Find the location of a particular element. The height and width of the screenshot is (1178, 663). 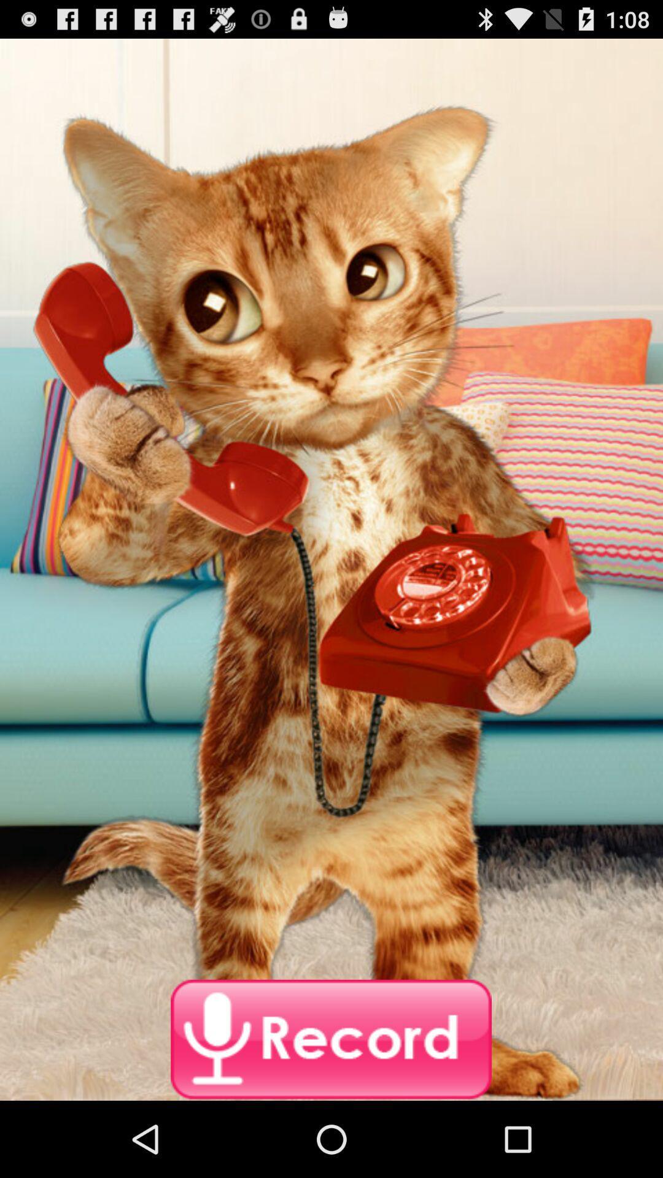

record is located at coordinates (330, 1039).